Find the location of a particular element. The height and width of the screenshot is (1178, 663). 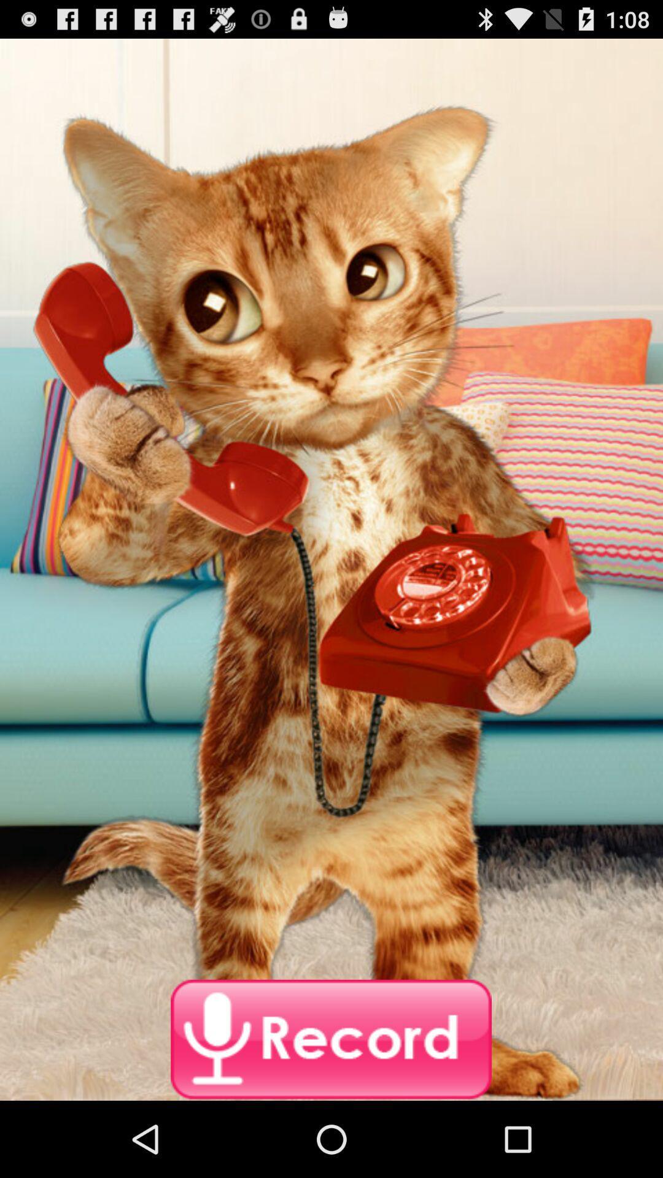

record is located at coordinates (330, 1039).